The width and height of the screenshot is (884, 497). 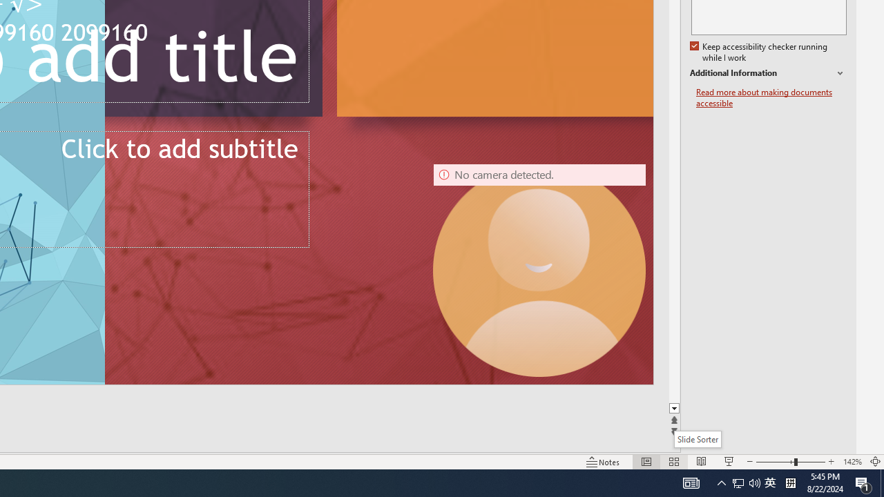 I want to click on 'Normal', so click(x=646, y=462).